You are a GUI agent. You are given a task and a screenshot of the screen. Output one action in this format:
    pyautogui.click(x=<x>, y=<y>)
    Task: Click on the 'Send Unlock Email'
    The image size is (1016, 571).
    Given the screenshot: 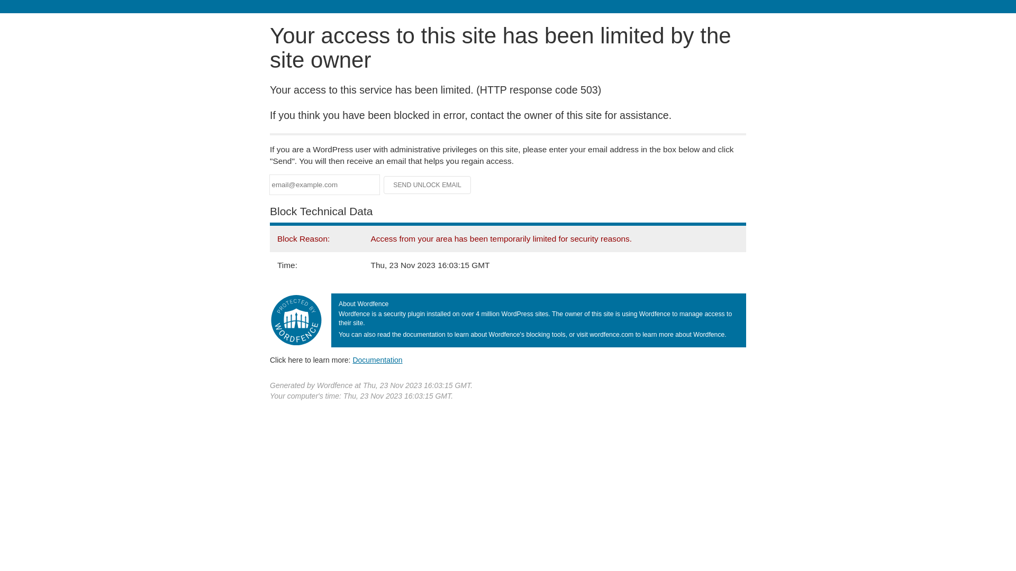 What is the action you would take?
    pyautogui.click(x=427, y=185)
    